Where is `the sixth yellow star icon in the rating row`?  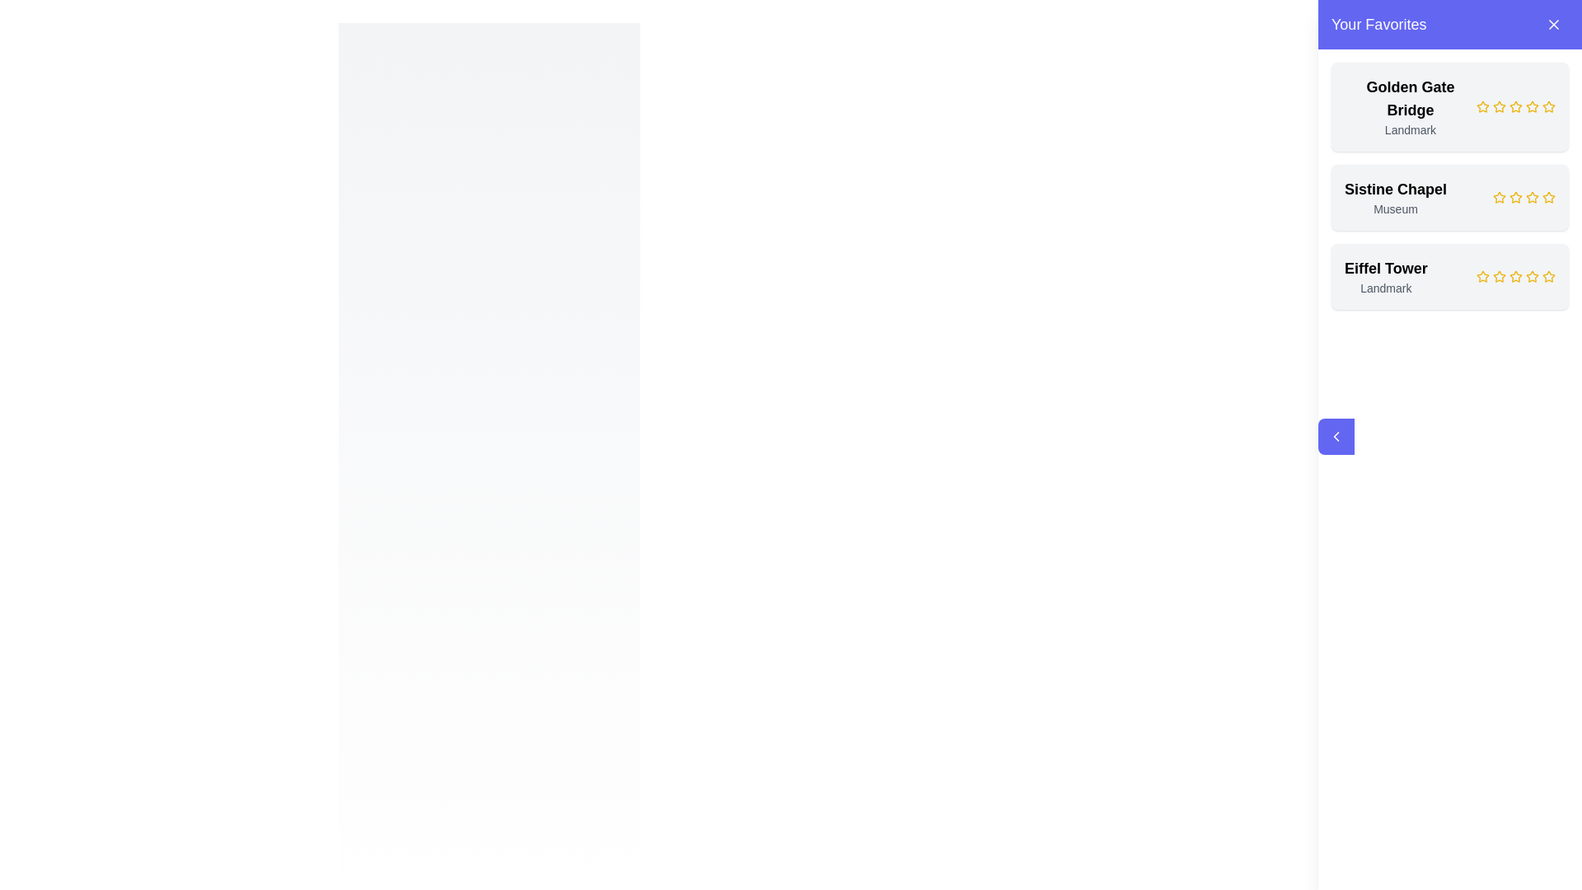 the sixth yellow star icon in the rating row is located at coordinates (1548, 196).